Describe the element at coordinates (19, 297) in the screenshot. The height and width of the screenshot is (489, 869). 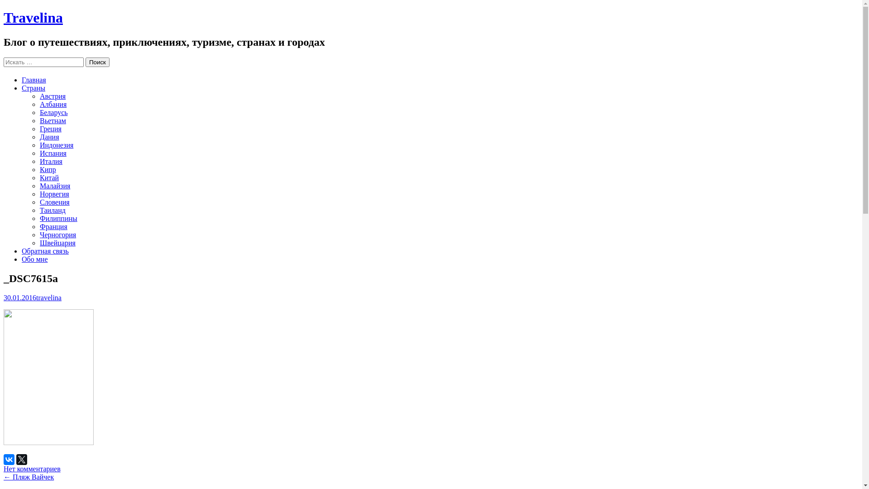
I see `'30.01.2016'` at that location.